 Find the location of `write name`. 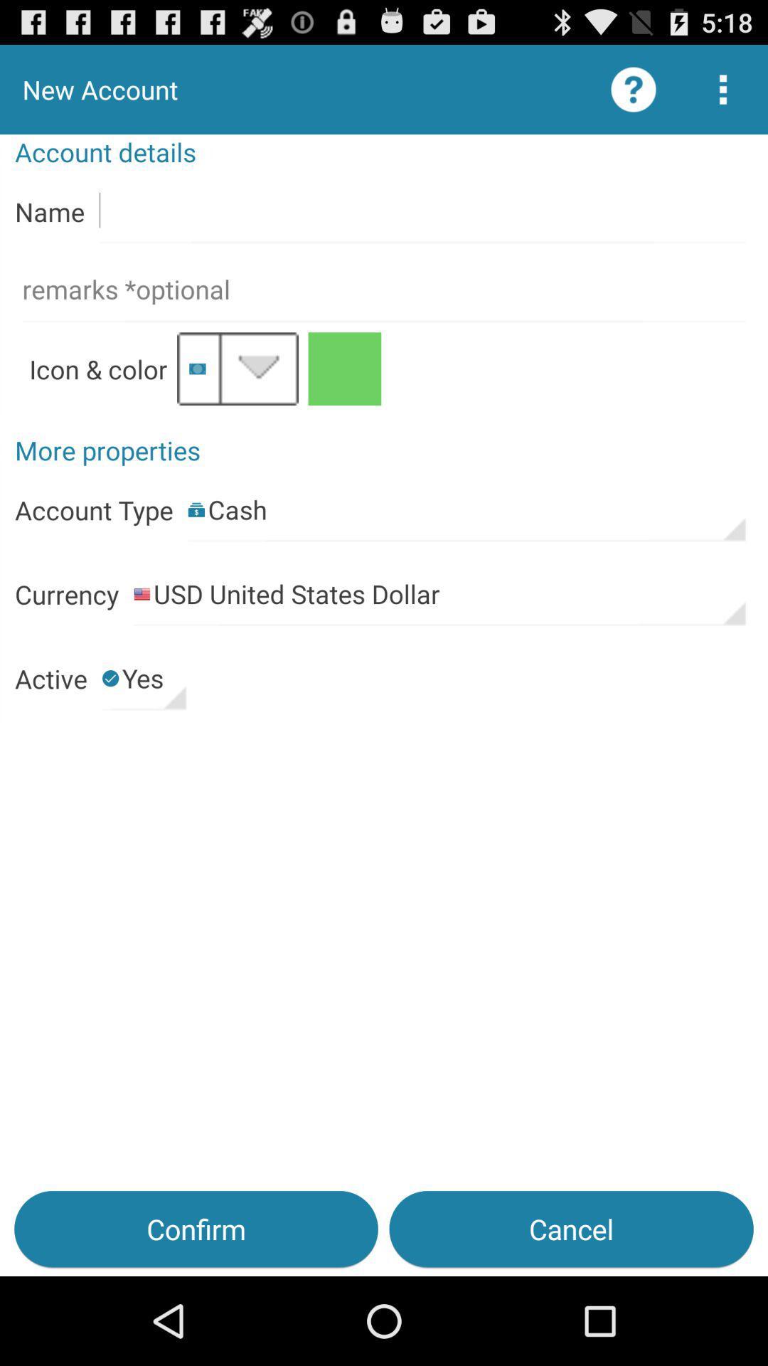

write name is located at coordinates (422, 211).